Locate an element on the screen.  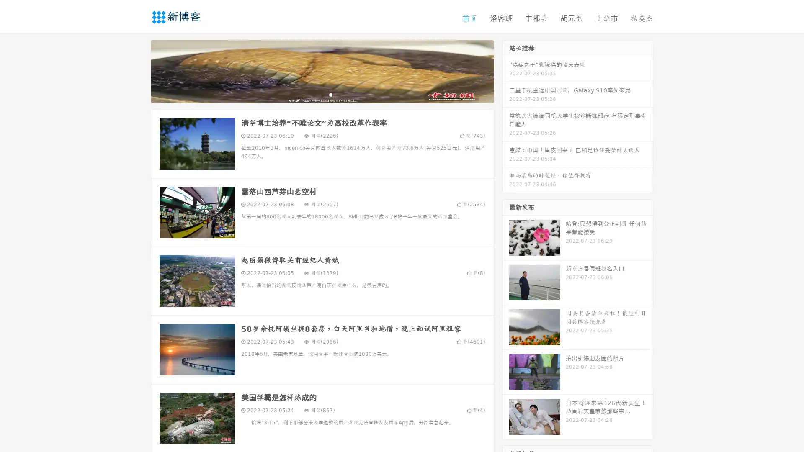
Previous slide is located at coordinates (138, 70).